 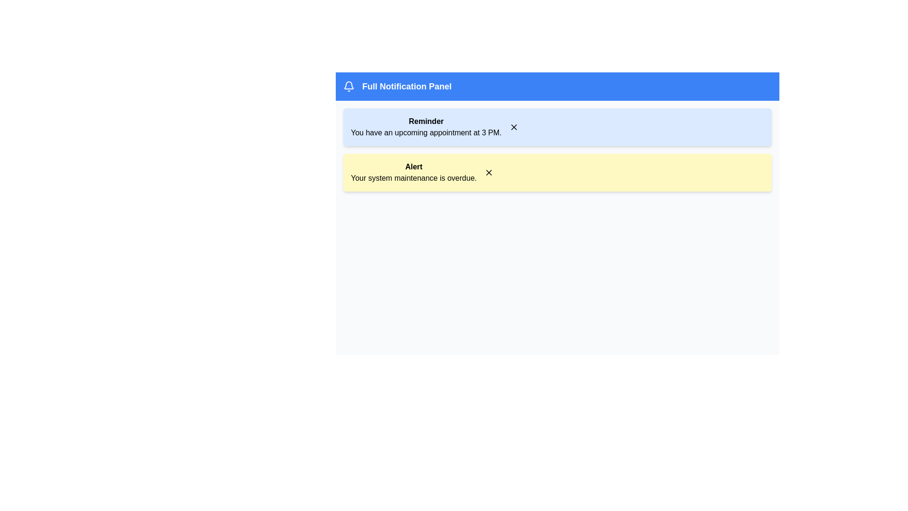 I want to click on the text label that displays 'Alert' in bold font above 'Your system maintenance is overdue.' on a yellow background in the lower half of the Full Notification Panel interface, so click(x=414, y=173).